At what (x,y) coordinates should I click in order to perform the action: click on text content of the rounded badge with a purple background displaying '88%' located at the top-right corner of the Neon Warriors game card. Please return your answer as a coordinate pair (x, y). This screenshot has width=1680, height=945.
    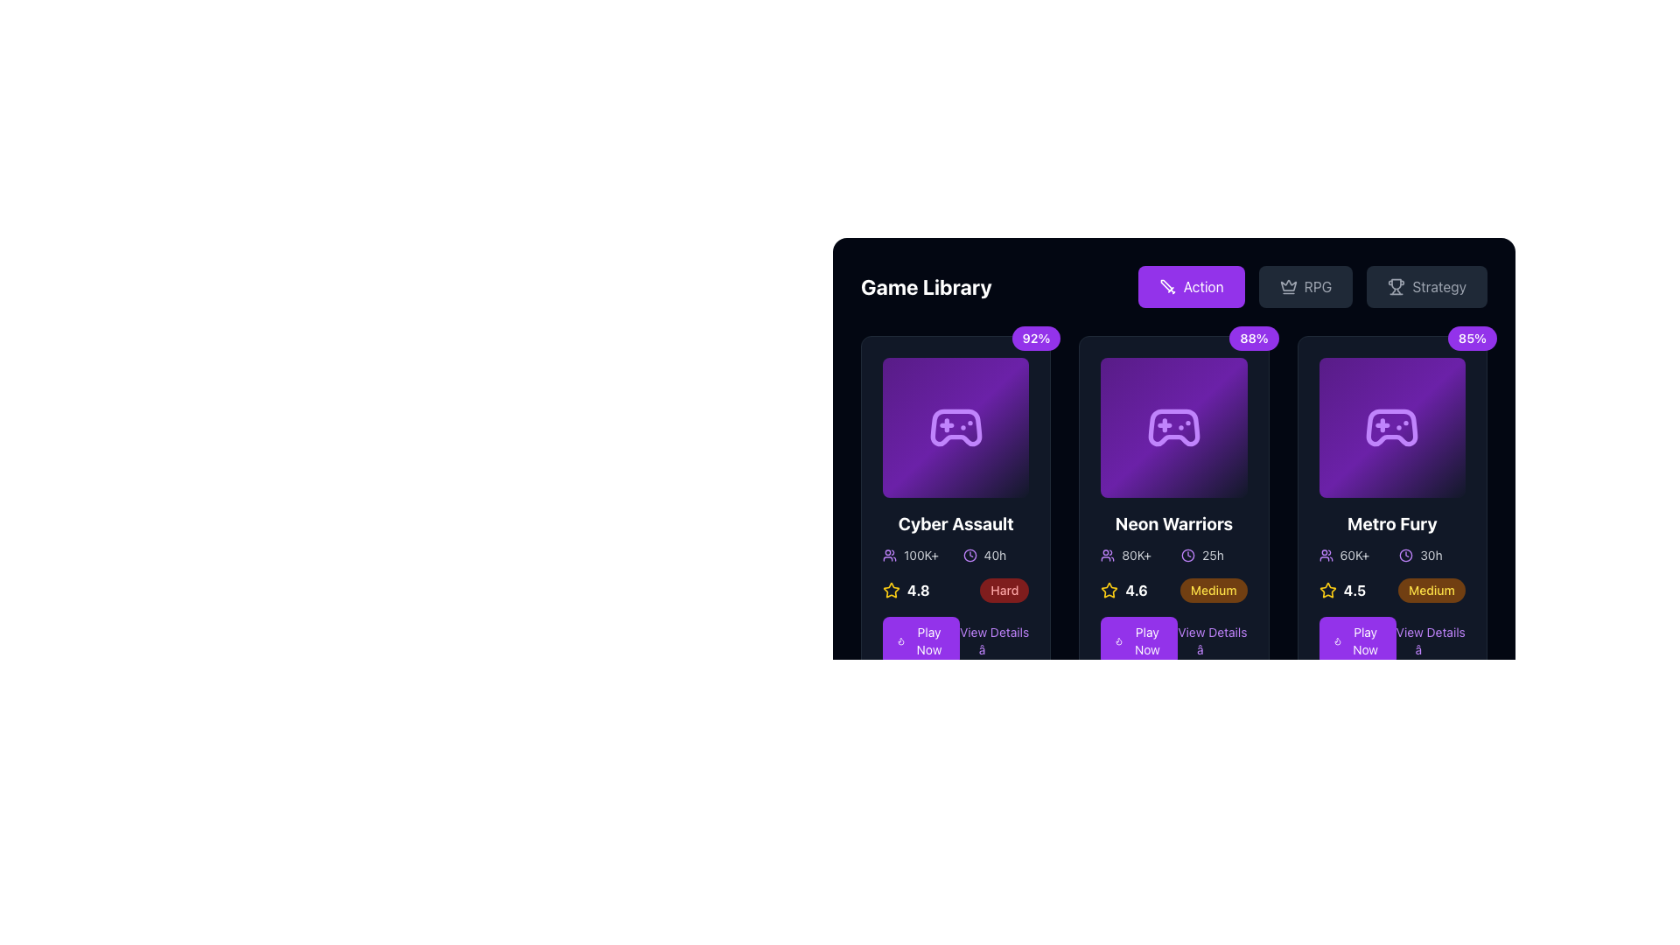
    Looking at the image, I should click on (1253, 338).